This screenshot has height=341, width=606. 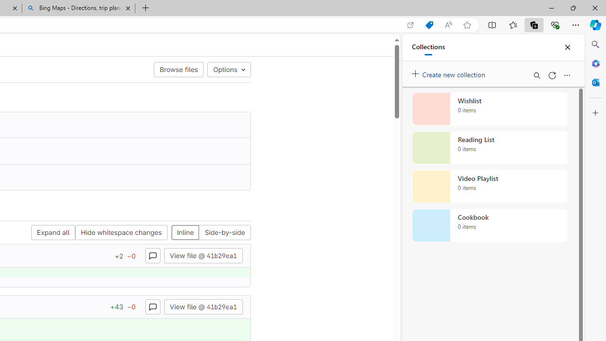 I want to click on 'Split screen', so click(x=492, y=24).